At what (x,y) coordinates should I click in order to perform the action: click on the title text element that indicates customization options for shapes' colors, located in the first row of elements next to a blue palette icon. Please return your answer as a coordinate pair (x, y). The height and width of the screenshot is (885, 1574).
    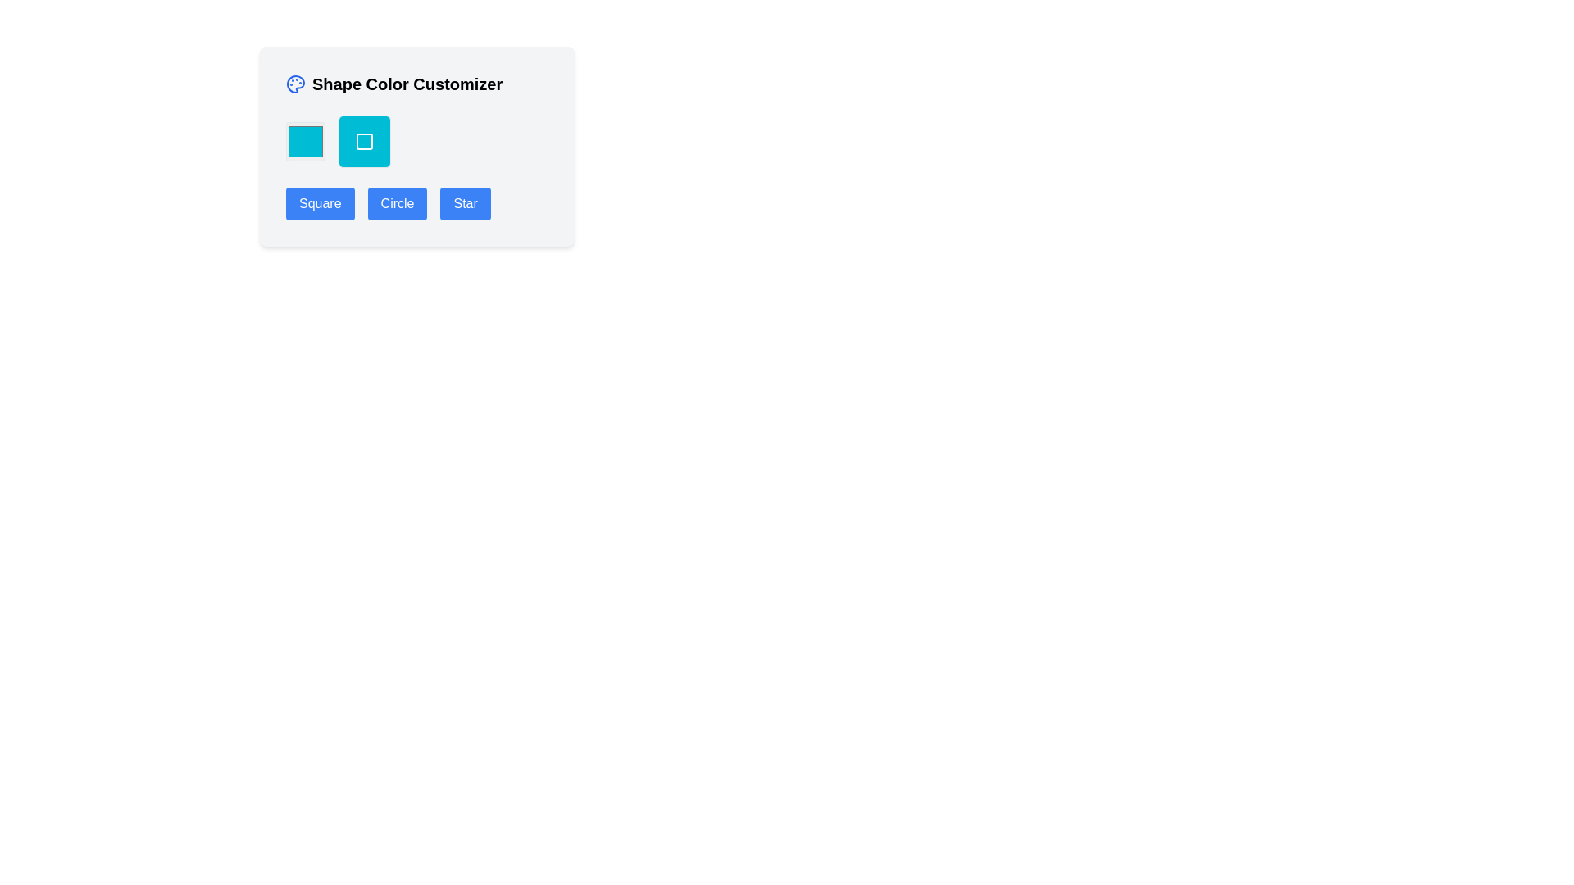
    Looking at the image, I should click on (407, 84).